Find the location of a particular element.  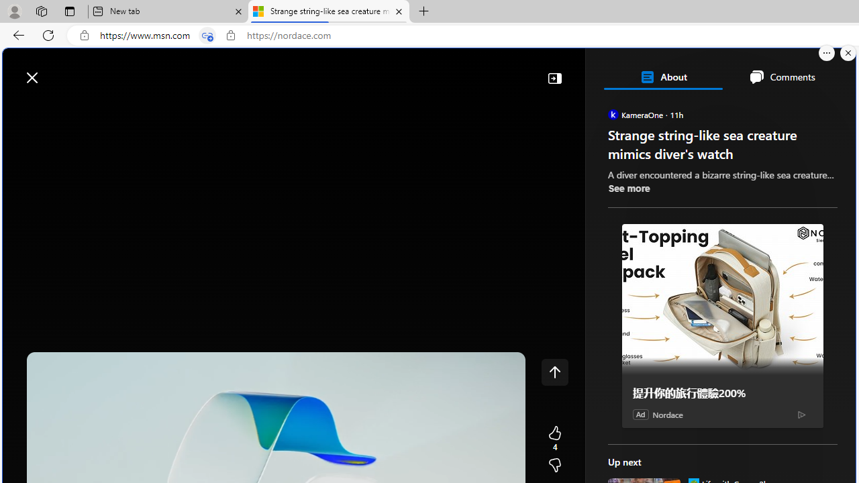

'Skip to footer' is located at coordinates (54, 70).